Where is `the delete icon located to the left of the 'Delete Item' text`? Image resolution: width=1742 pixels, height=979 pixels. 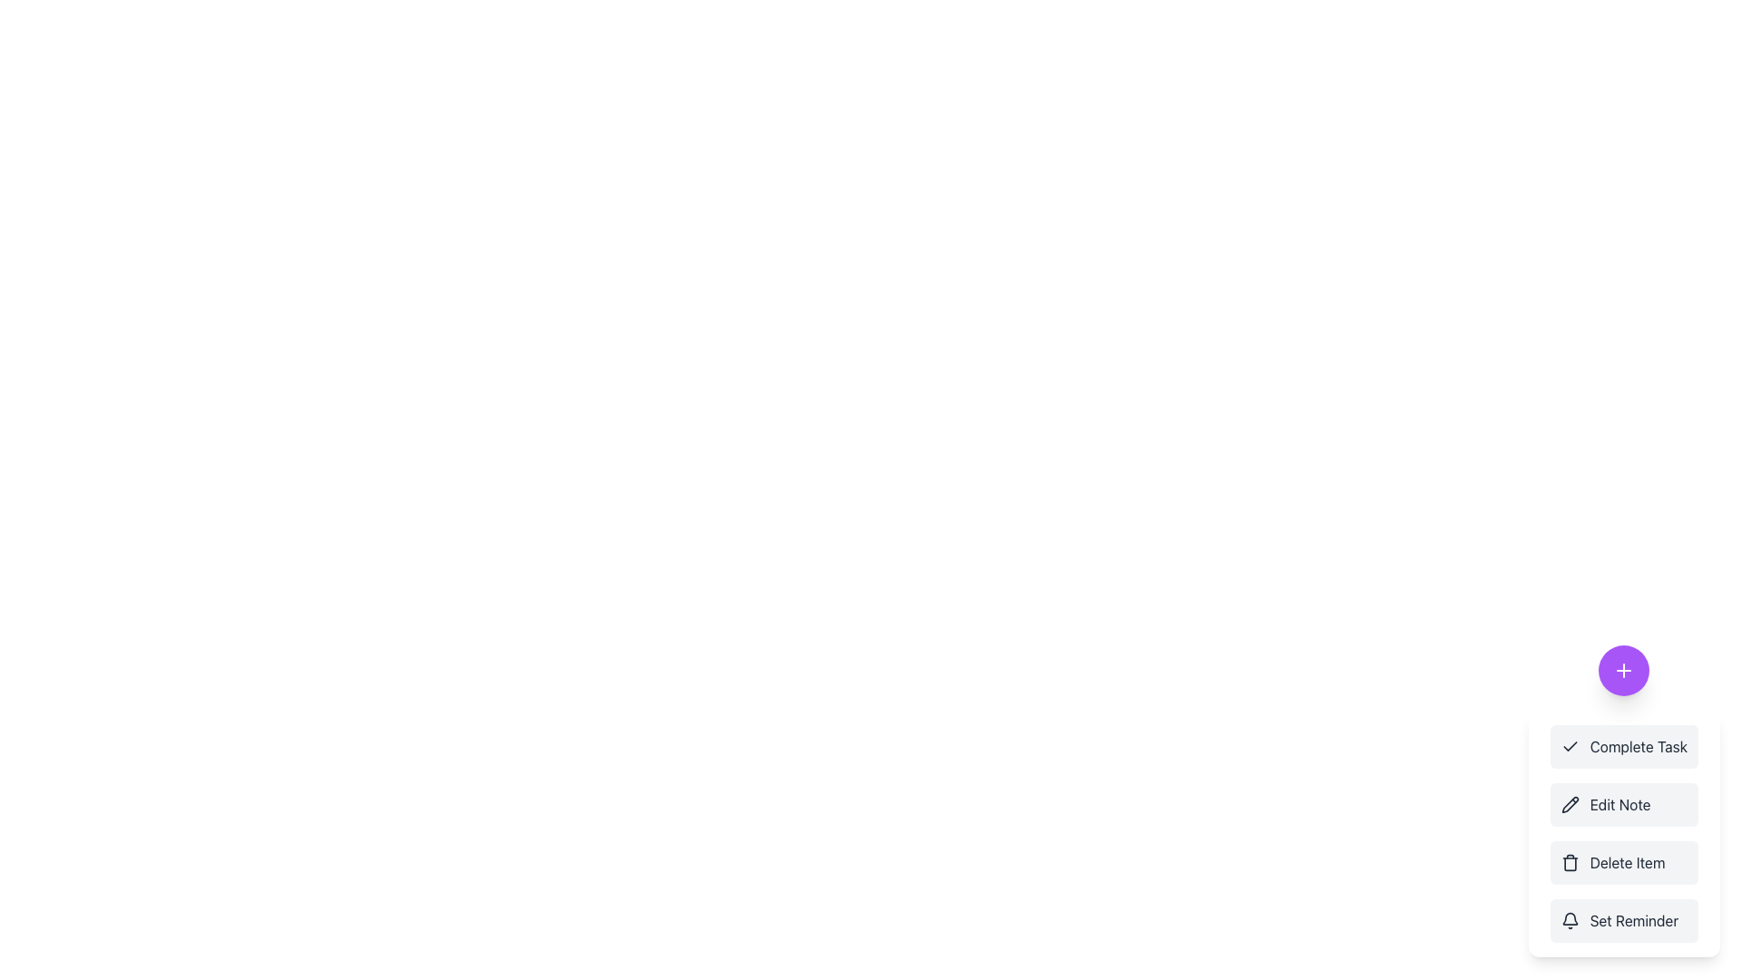
the delete icon located to the left of the 'Delete Item' text is located at coordinates (1569, 862).